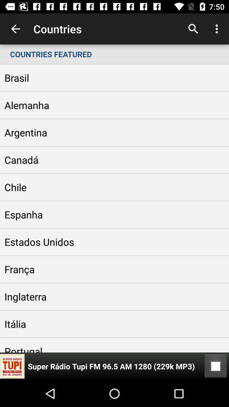 This screenshot has height=407, width=229. What do you see at coordinates (218, 29) in the screenshot?
I see `icon above the countries featured item` at bounding box center [218, 29].